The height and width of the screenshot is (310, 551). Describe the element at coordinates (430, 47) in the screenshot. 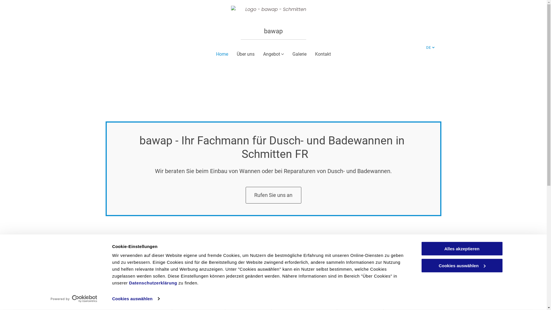

I see `'DE'` at that location.